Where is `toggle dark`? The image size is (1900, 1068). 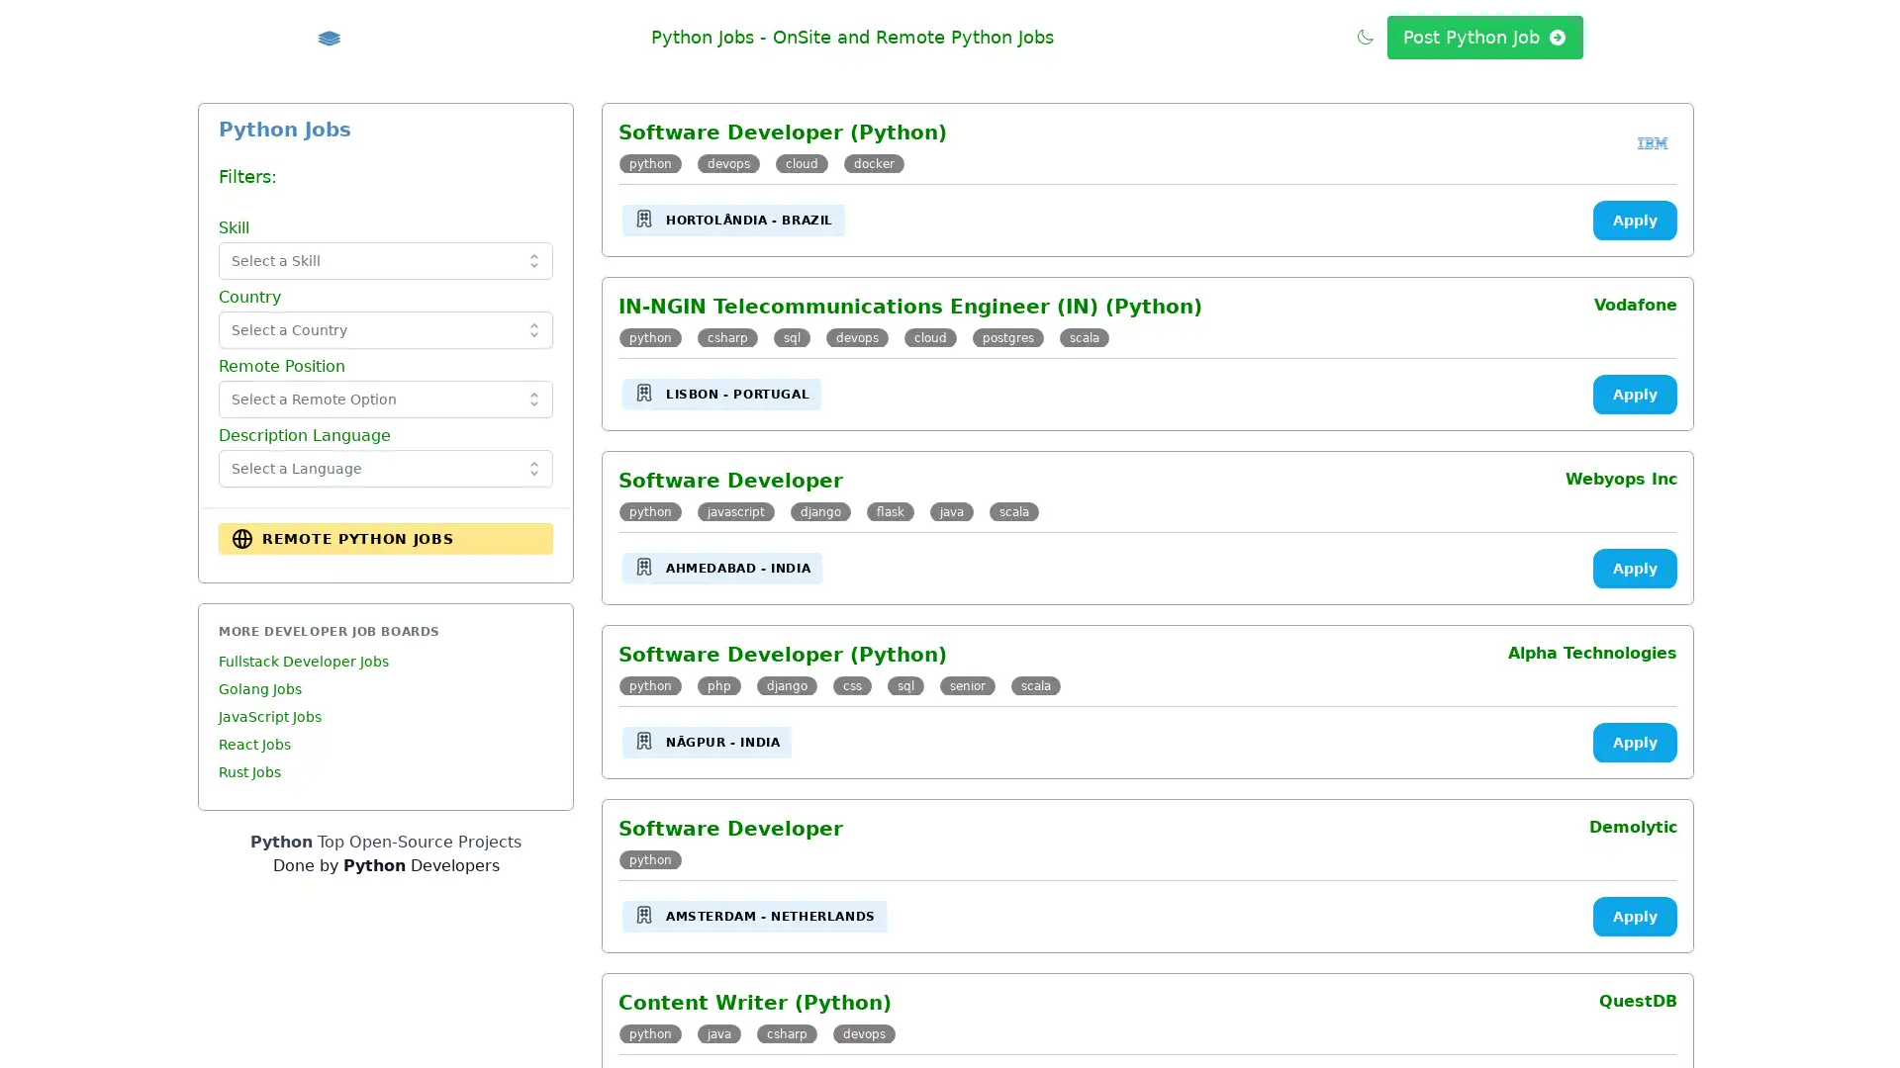 toggle dark is located at coordinates (1365, 35).